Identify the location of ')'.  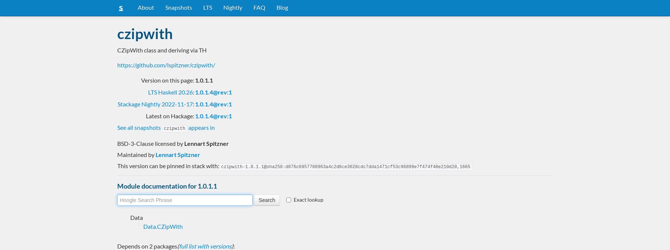
(232, 246).